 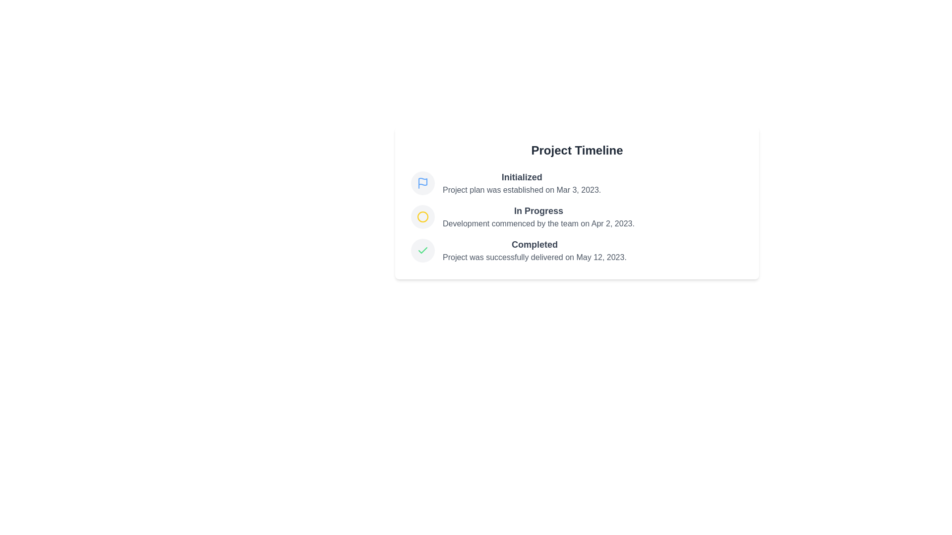 I want to click on the 'Completed' status icon in the project timeline located in the third row, which indicates successful completion of the associated phase, so click(x=423, y=250).